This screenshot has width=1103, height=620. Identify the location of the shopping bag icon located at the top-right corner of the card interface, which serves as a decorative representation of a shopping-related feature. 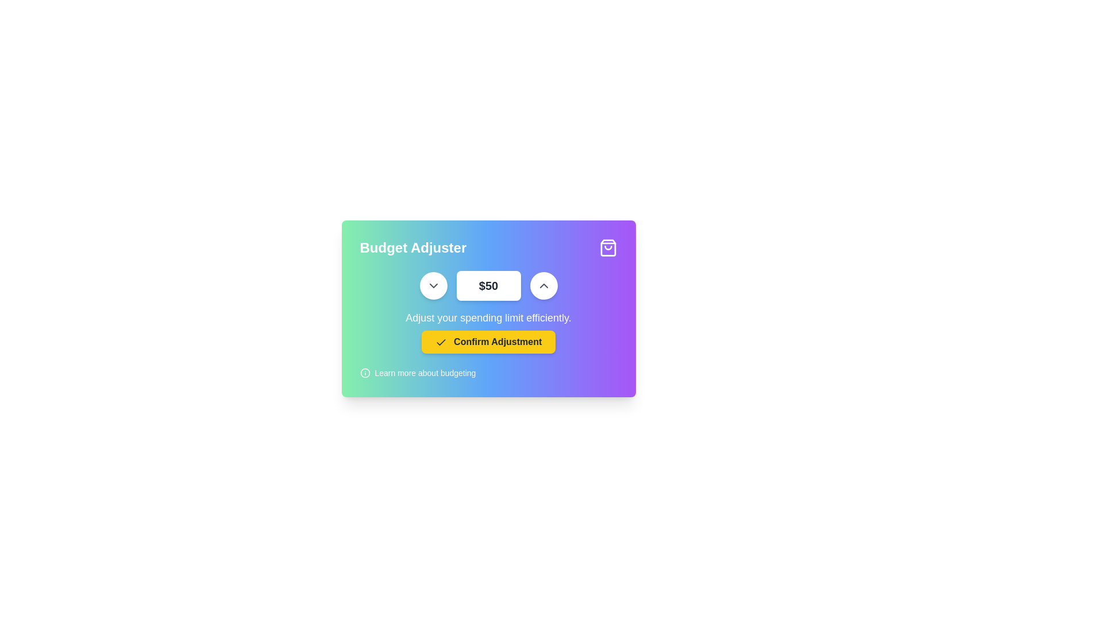
(607, 247).